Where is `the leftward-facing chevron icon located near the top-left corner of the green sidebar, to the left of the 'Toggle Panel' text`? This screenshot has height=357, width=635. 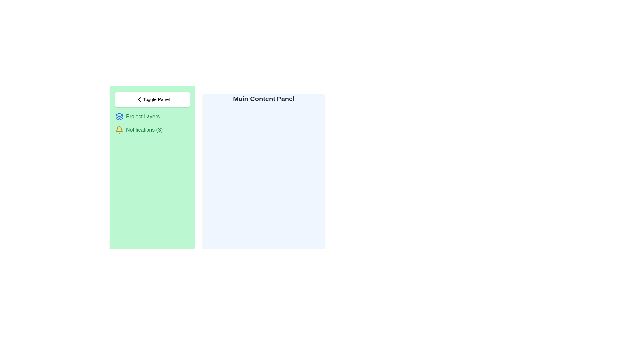
the leftward-facing chevron icon located near the top-left corner of the green sidebar, to the left of the 'Toggle Panel' text is located at coordinates (139, 99).